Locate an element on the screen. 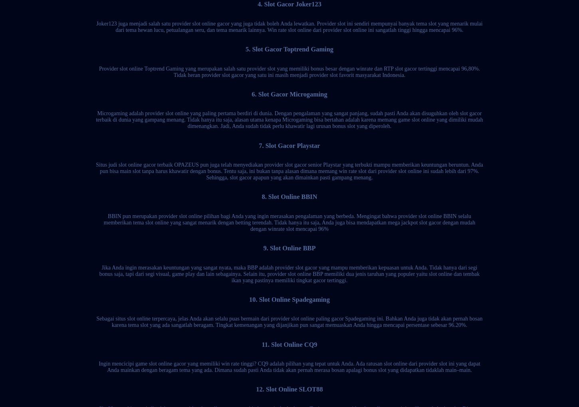 The height and width of the screenshot is (407, 579). '5. Slot Gacor Toptrend Gaming' is located at coordinates (289, 49).